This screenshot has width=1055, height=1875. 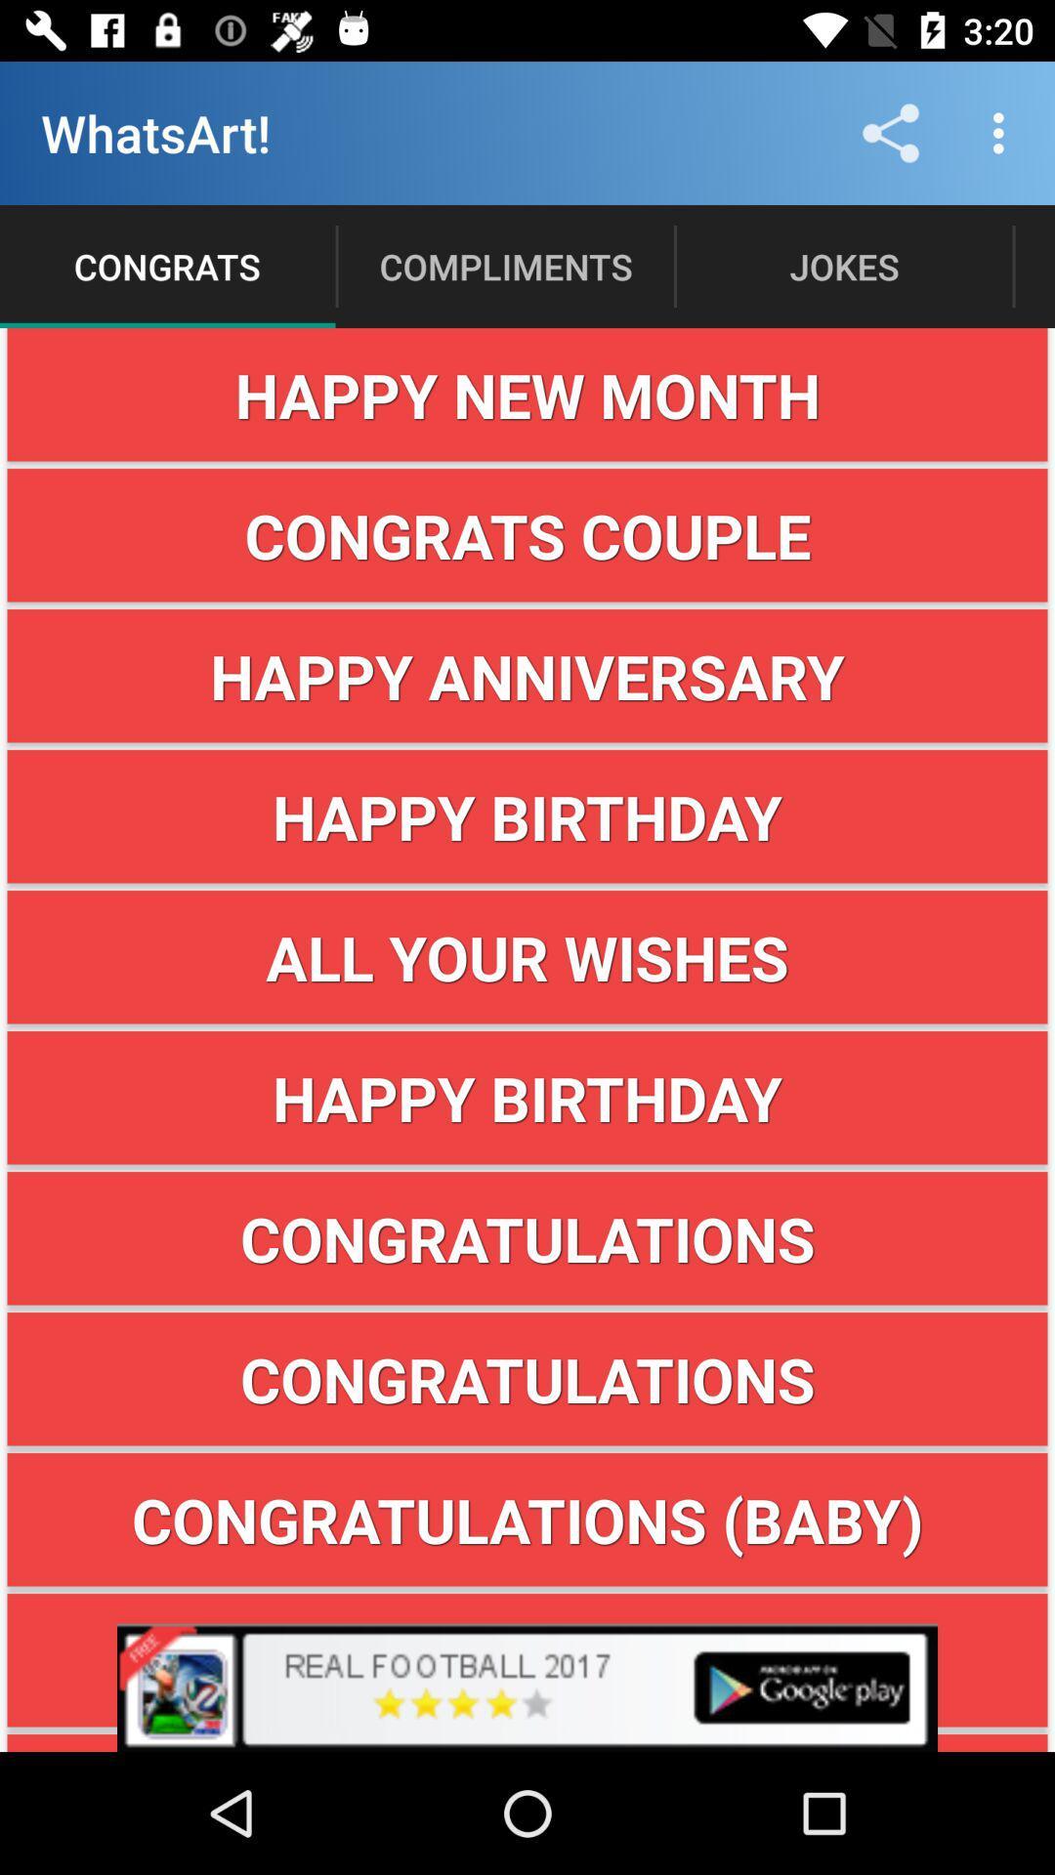 What do you see at coordinates (527, 535) in the screenshot?
I see `the congrats couple item` at bounding box center [527, 535].